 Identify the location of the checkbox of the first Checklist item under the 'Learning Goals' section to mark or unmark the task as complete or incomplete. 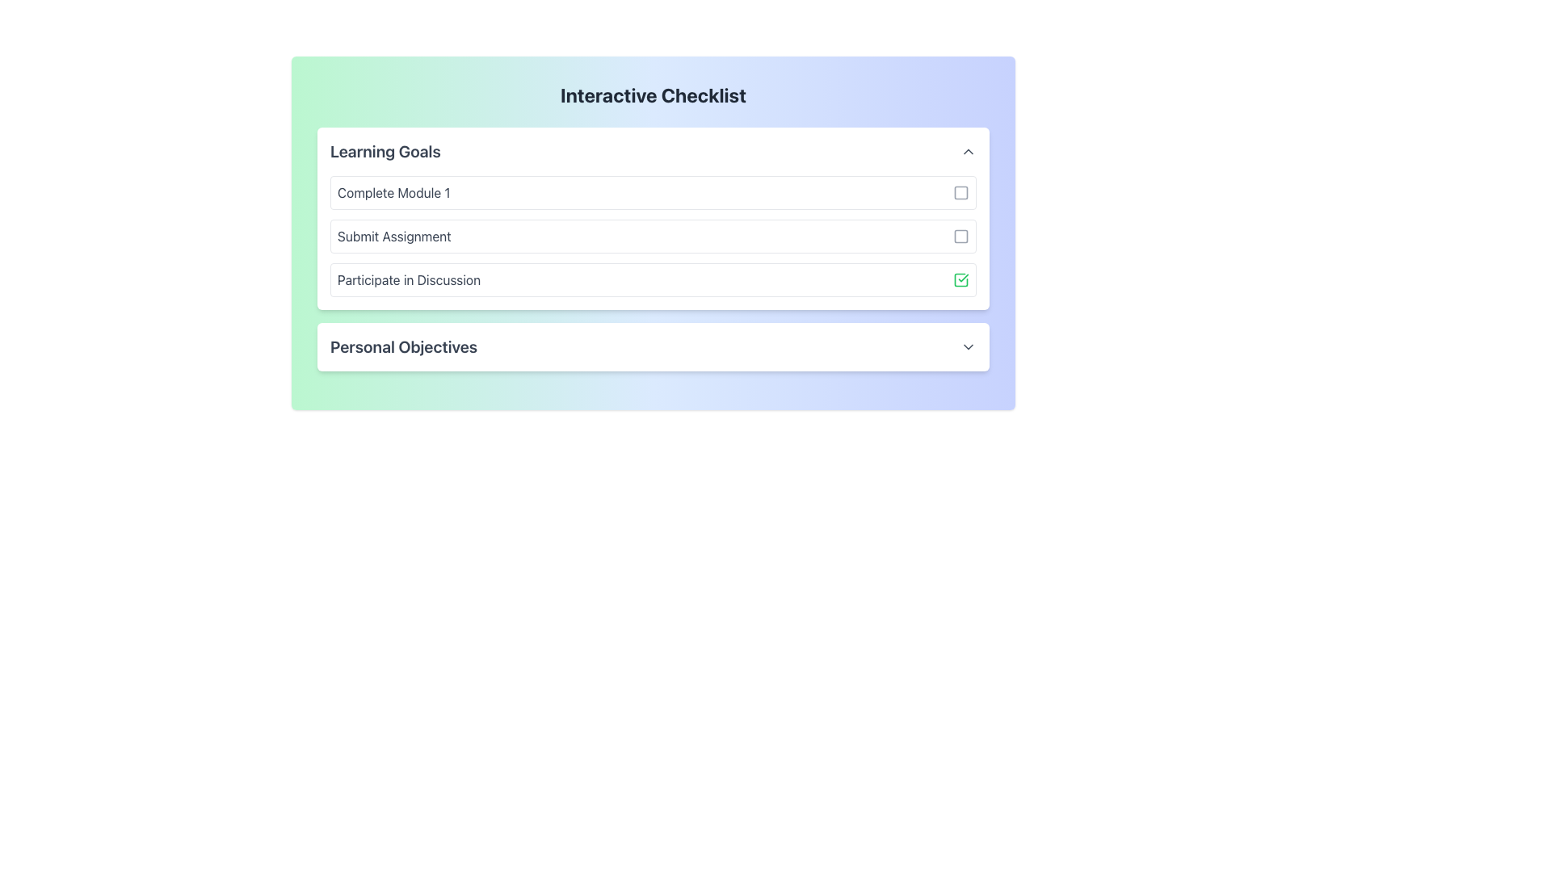
(654, 192).